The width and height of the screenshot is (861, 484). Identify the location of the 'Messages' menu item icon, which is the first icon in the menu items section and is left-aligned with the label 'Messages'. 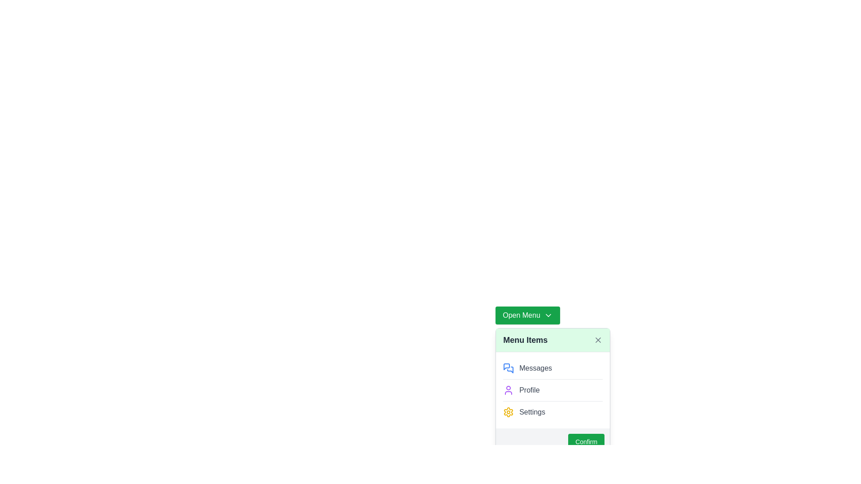
(507, 367).